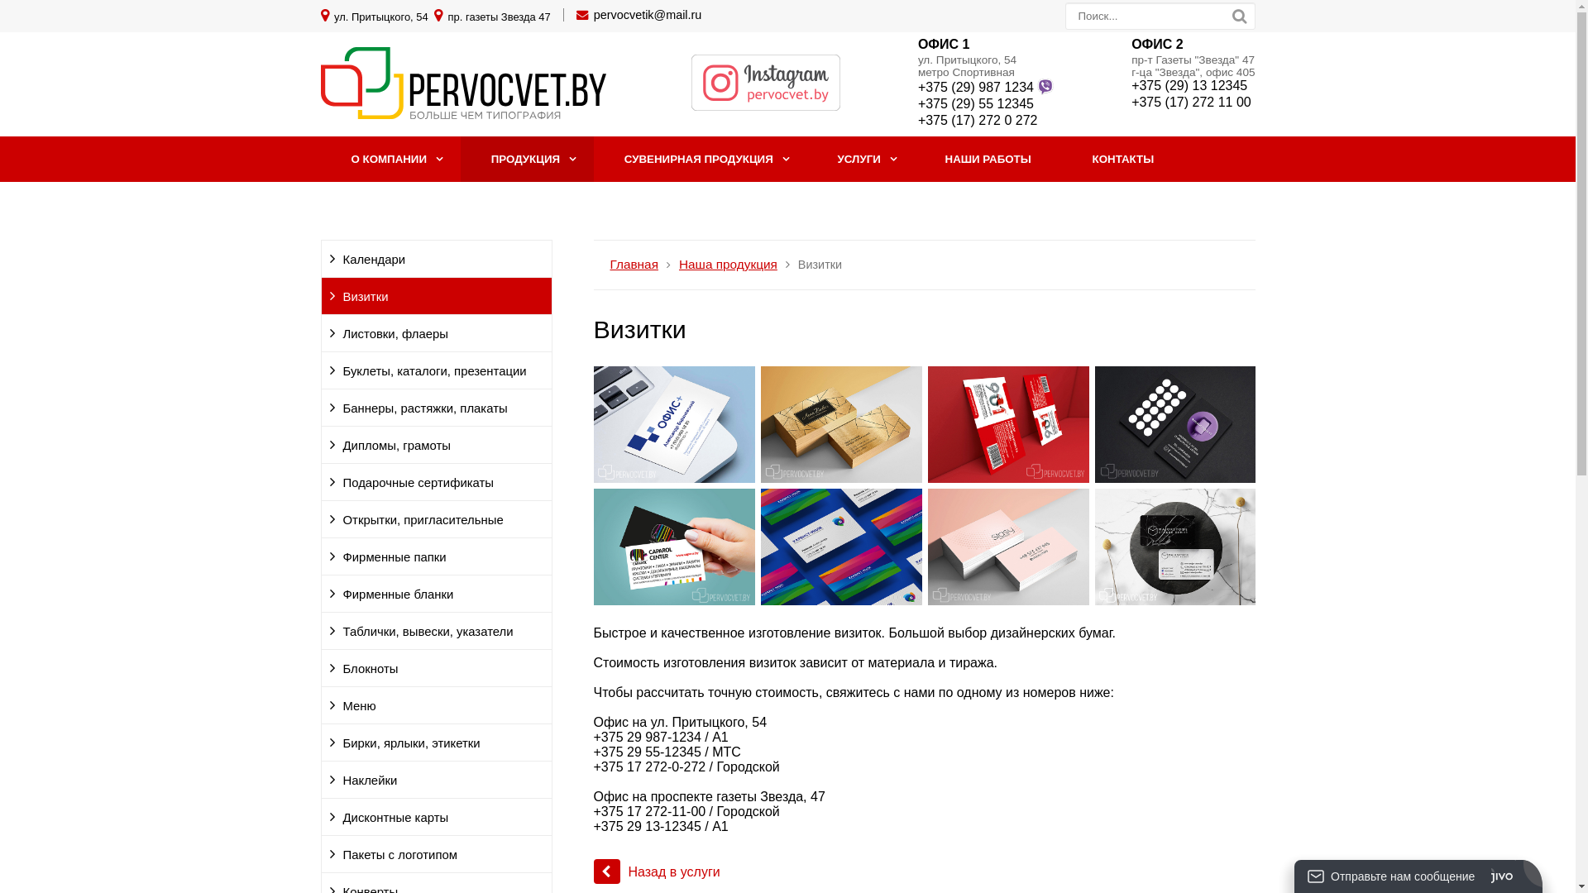 The width and height of the screenshot is (1588, 893). I want to click on '+375 (17) 272 0 272', so click(978, 119).